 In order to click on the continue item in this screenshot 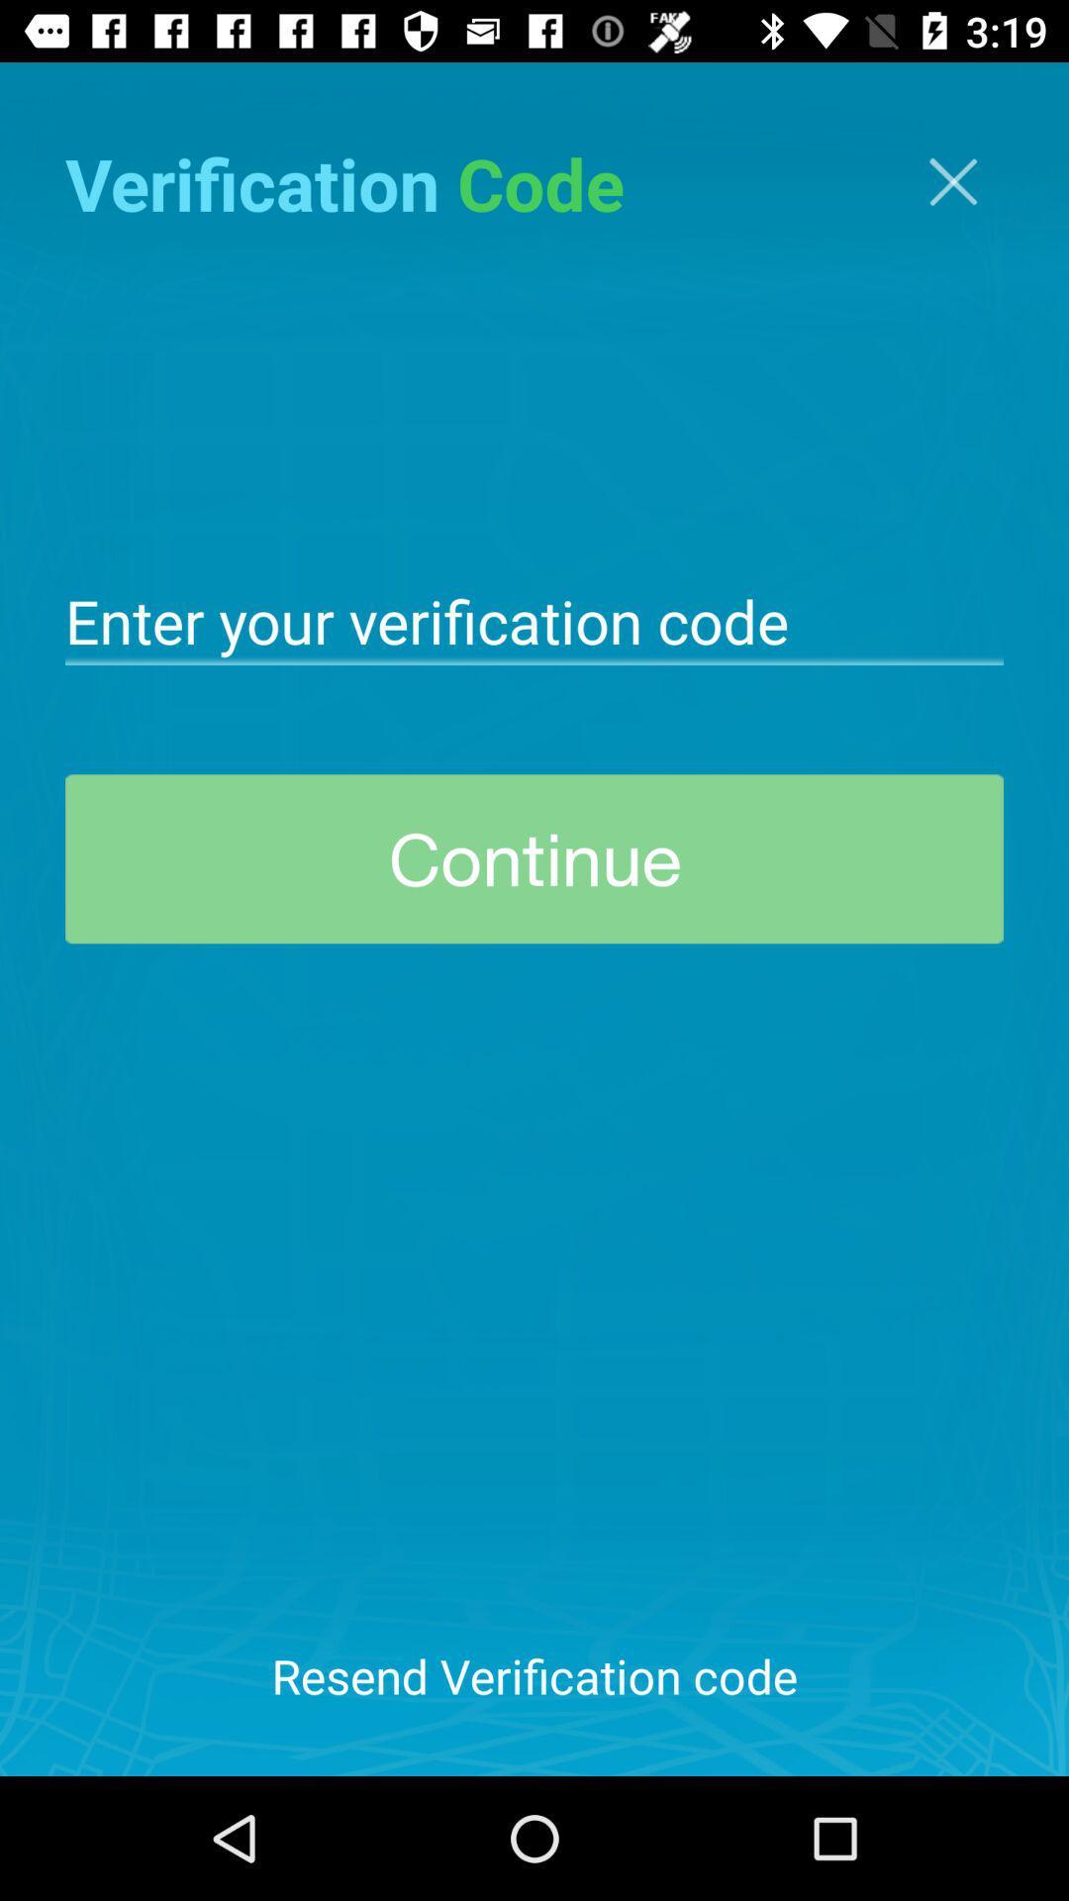, I will do `click(534, 858)`.